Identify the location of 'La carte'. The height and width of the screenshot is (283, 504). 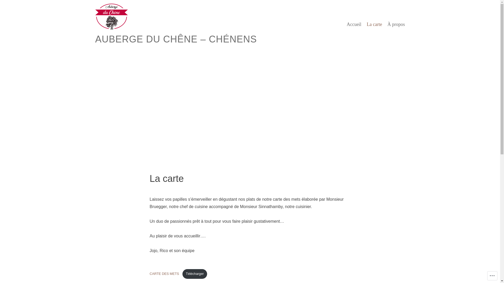
(366, 24).